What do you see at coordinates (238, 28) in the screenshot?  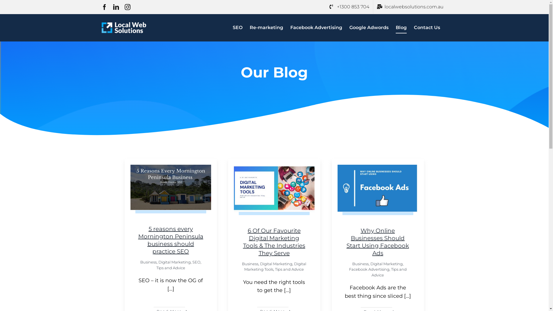 I see `'SEO'` at bounding box center [238, 28].